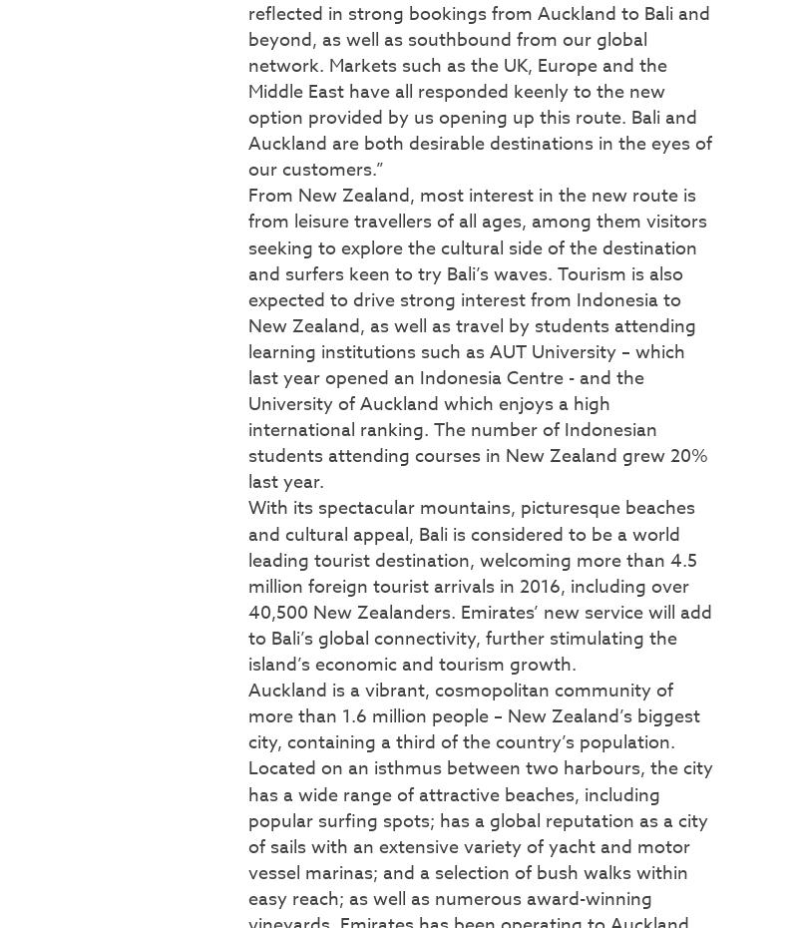  What do you see at coordinates (318, 363) in the screenshot?
I see `'Sustainability'` at bounding box center [318, 363].